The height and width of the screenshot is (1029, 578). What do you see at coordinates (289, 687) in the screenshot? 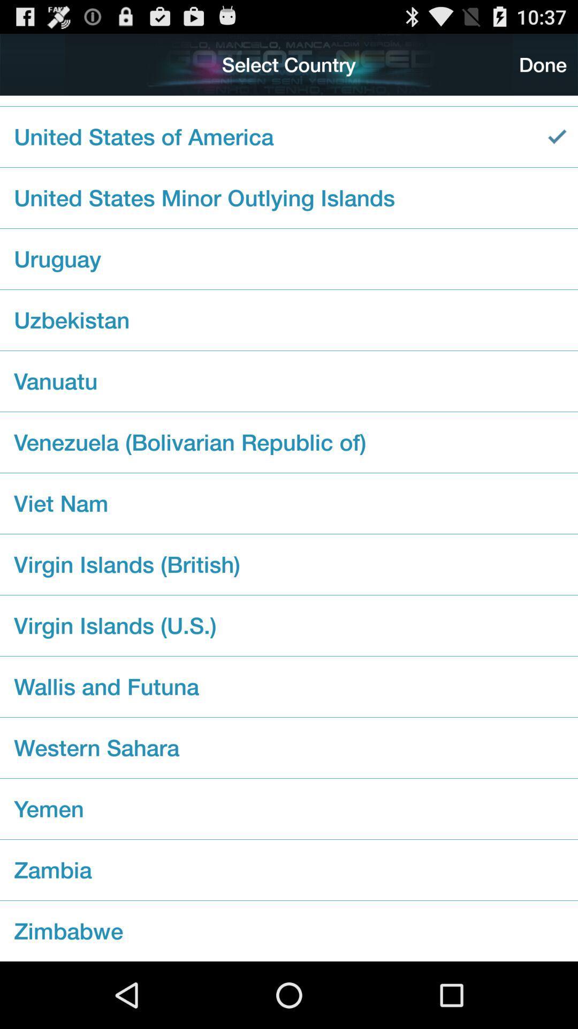
I see `the wallis and futuna` at bounding box center [289, 687].